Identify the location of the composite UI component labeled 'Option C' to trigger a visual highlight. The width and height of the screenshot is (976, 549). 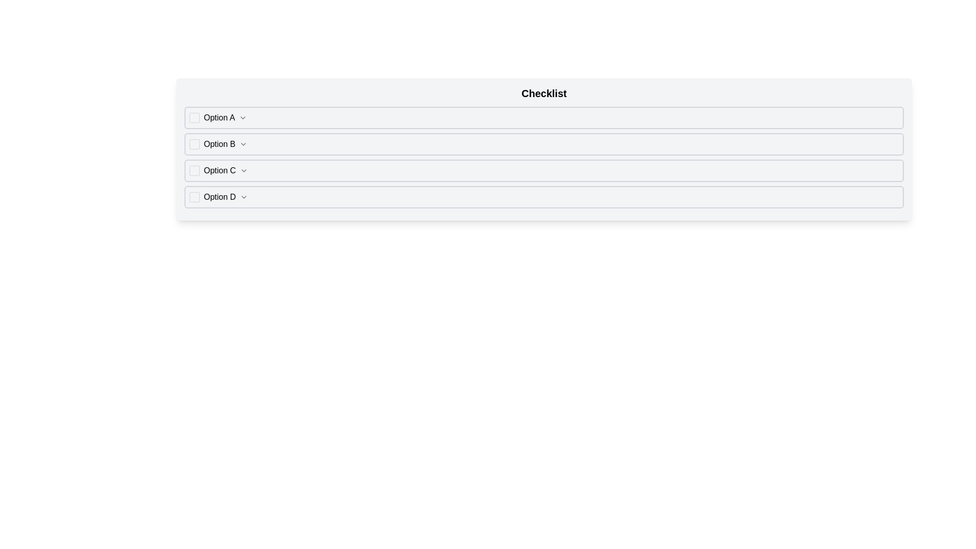
(543, 170).